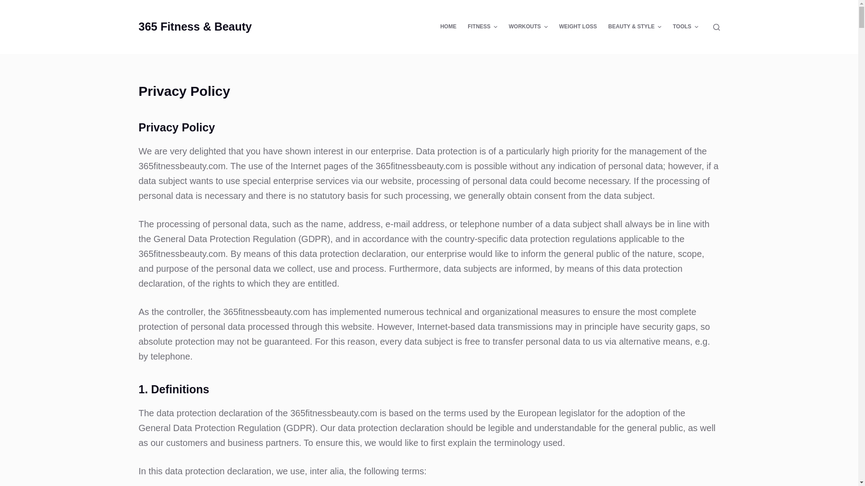 Image resolution: width=865 pixels, height=486 pixels. I want to click on 'WORKOUTS', so click(503, 27).